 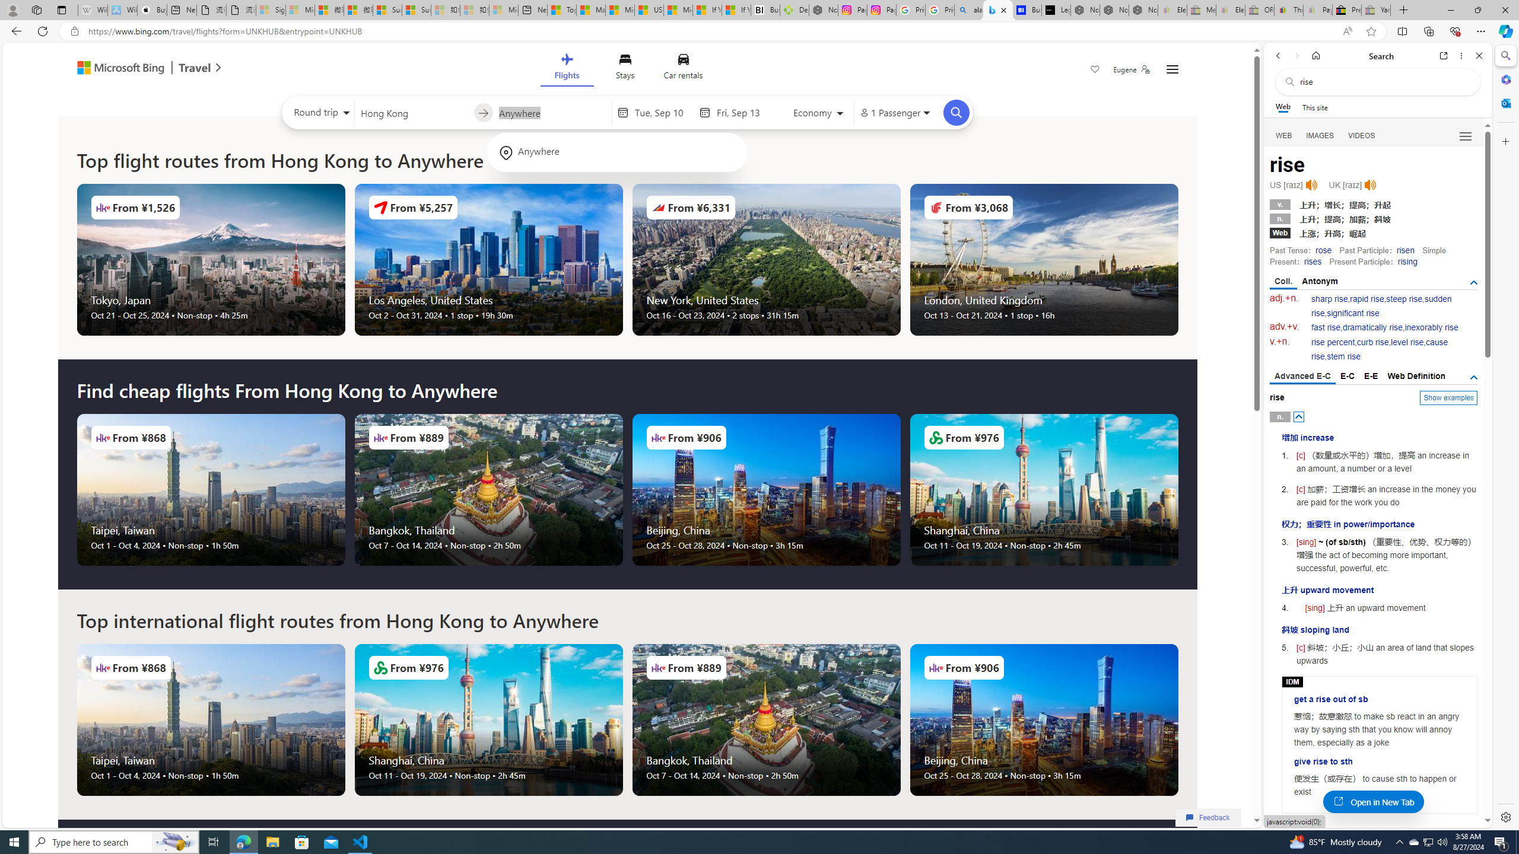 What do you see at coordinates (1325, 327) in the screenshot?
I see `'fast rise'` at bounding box center [1325, 327].